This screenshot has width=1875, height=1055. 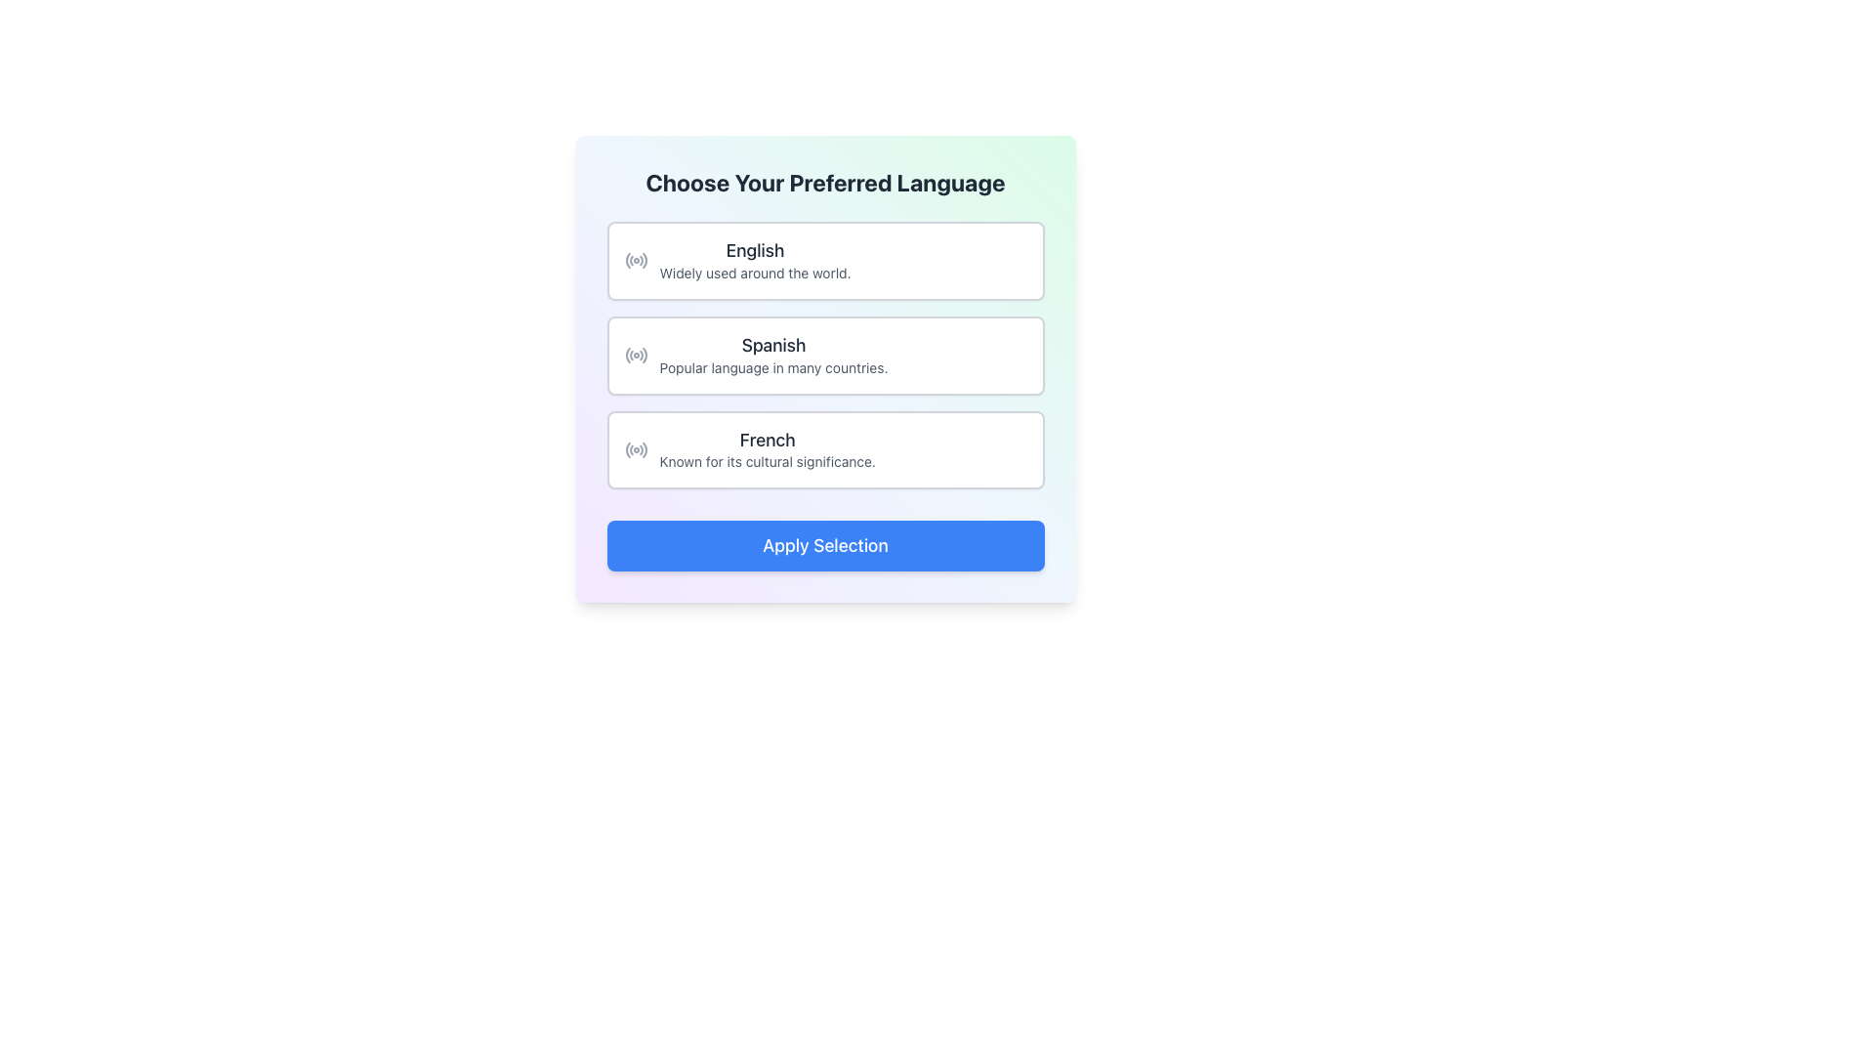 What do you see at coordinates (825, 449) in the screenshot?
I see `the interactive card labeled 'French'` at bounding box center [825, 449].